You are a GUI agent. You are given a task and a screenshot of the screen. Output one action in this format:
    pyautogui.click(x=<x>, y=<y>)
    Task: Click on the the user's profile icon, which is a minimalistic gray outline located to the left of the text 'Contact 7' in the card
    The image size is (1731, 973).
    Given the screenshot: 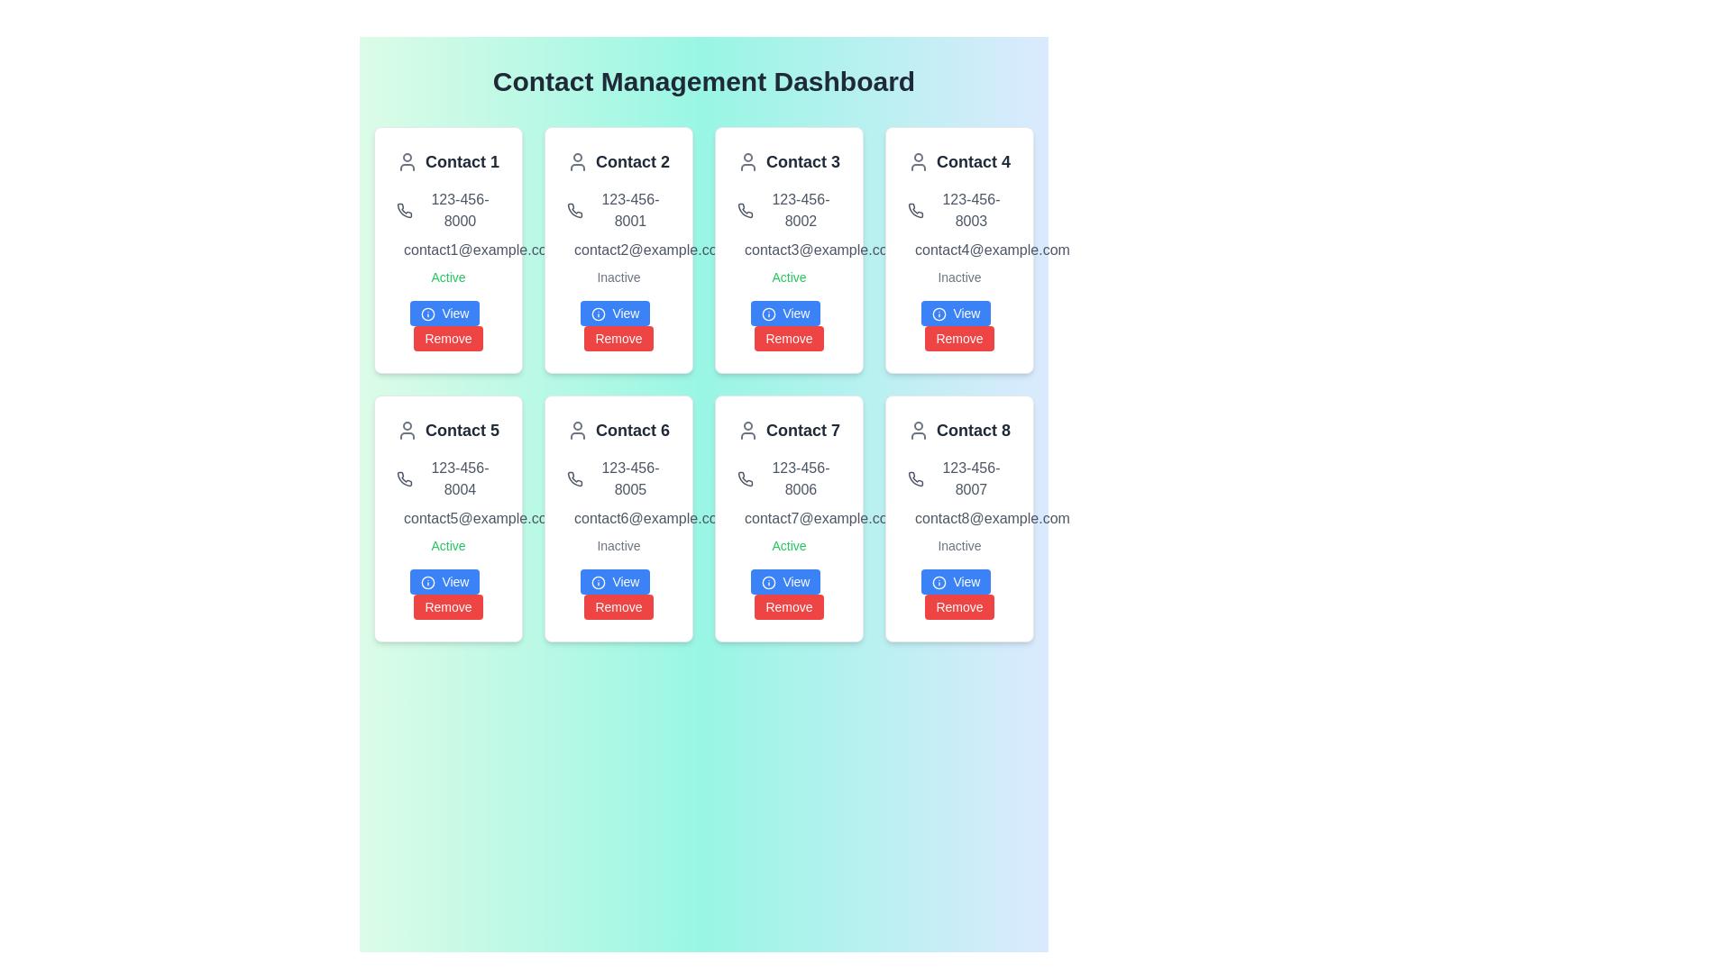 What is the action you would take?
    pyautogui.click(x=748, y=431)
    